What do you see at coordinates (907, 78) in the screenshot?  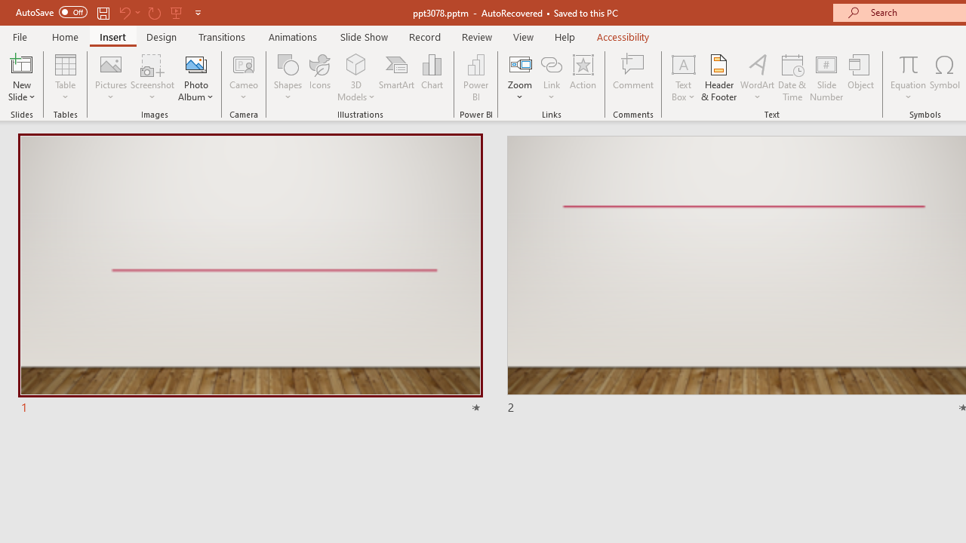 I see `'Equation'` at bounding box center [907, 78].